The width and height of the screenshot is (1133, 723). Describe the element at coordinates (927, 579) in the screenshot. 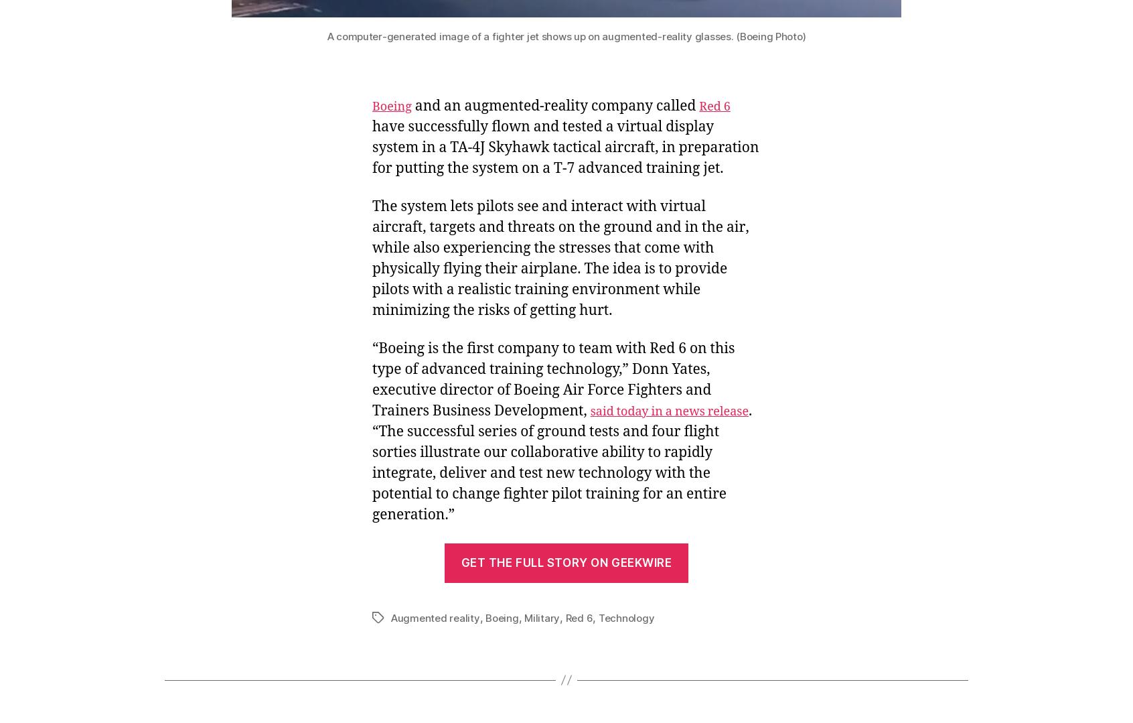

I see `'To the top'` at that location.